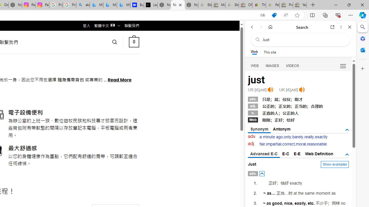 This screenshot has width=369, height=207. What do you see at coordinates (271, 137) in the screenshot?
I see `'a minute ago'` at bounding box center [271, 137].